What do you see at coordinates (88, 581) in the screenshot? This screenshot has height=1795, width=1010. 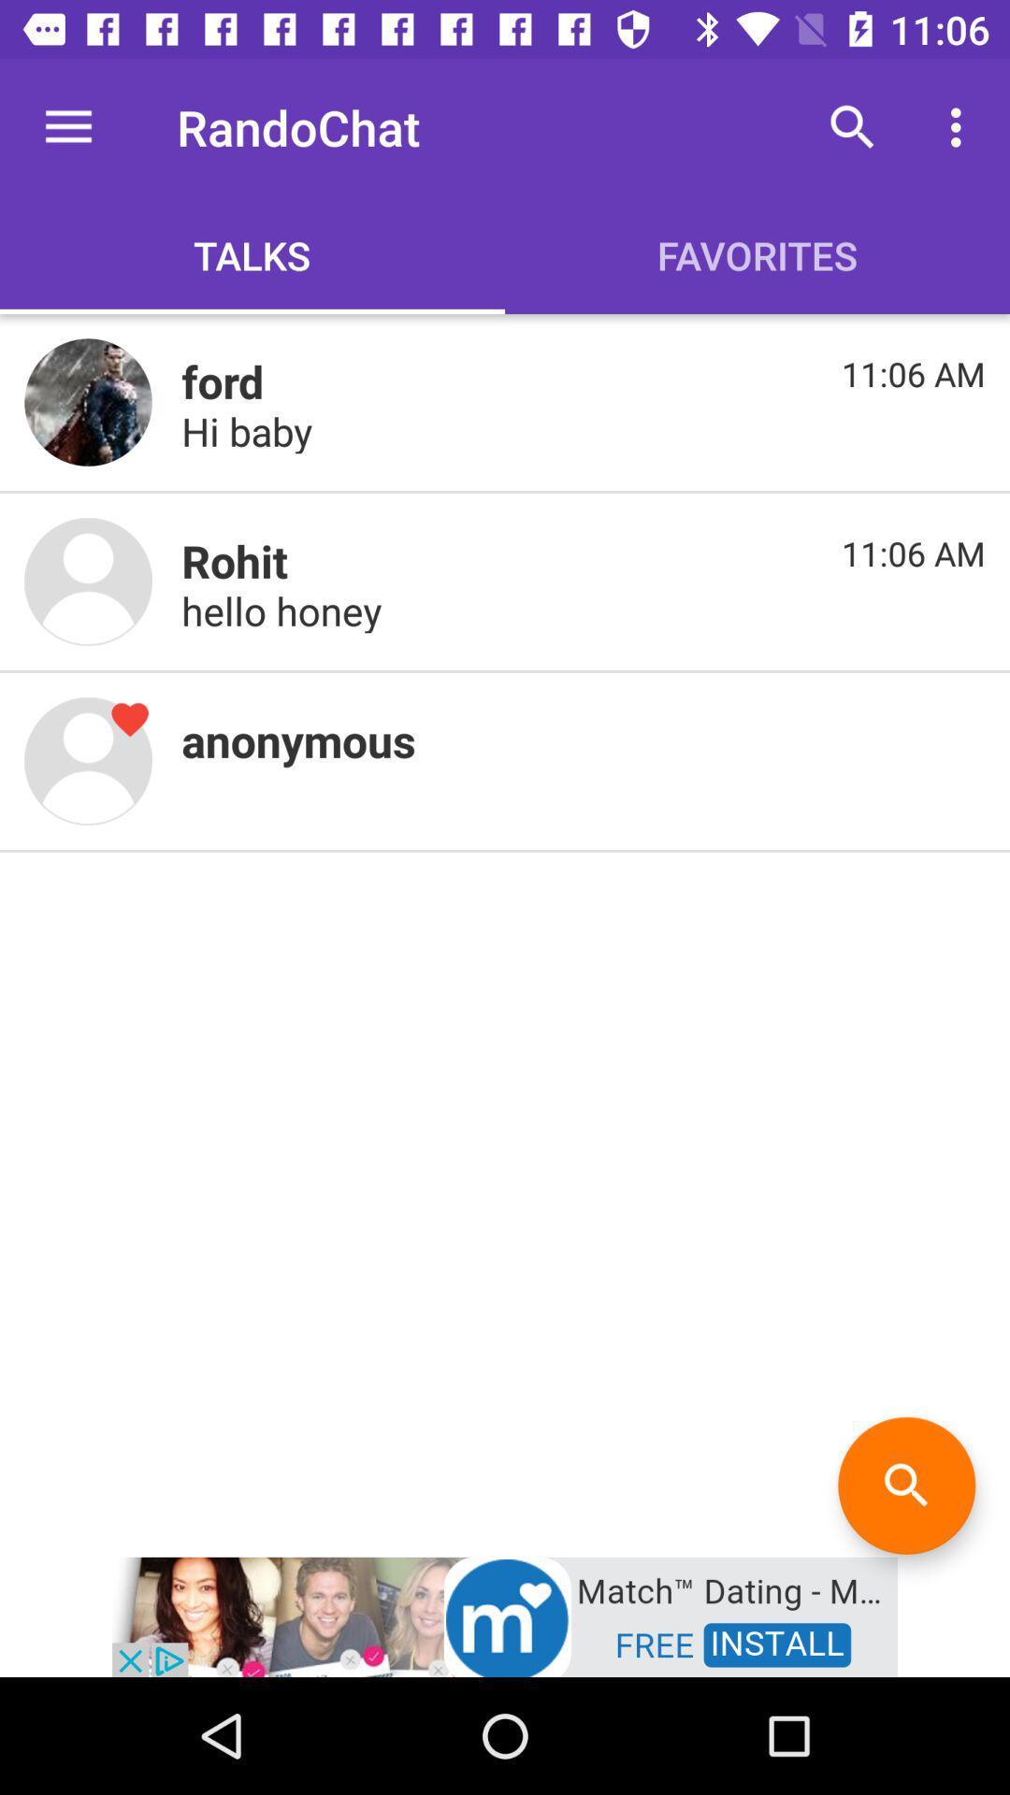 I see `next chating` at bounding box center [88, 581].